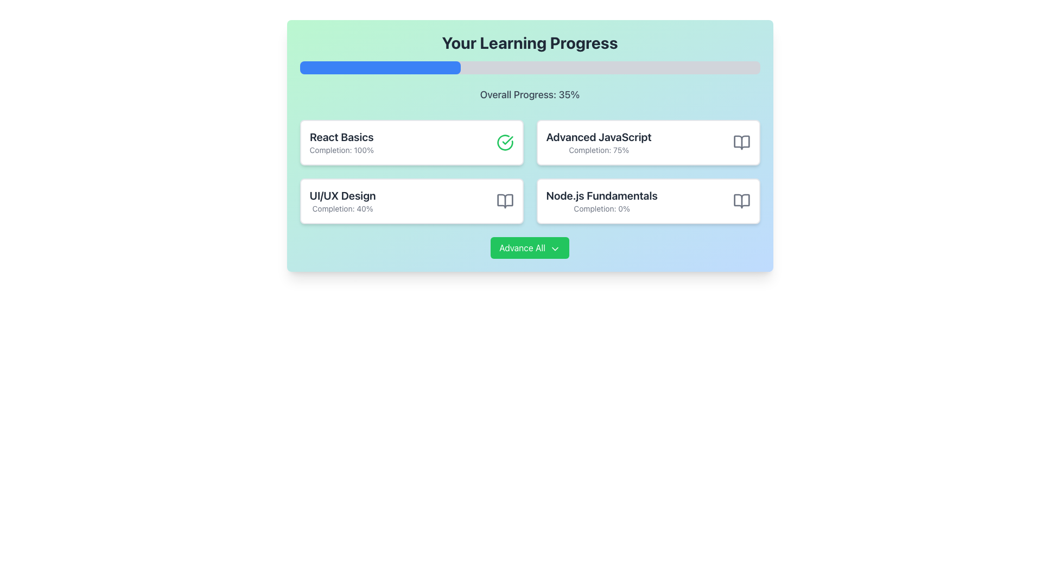 This screenshot has height=586, width=1042. What do you see at coordinates (648, 142) in the screenshot?
I see `the 'Advanced JavaScript' Informational Card, which is the second card in the grid layout of learning modules` at bounding box center [648, 142].